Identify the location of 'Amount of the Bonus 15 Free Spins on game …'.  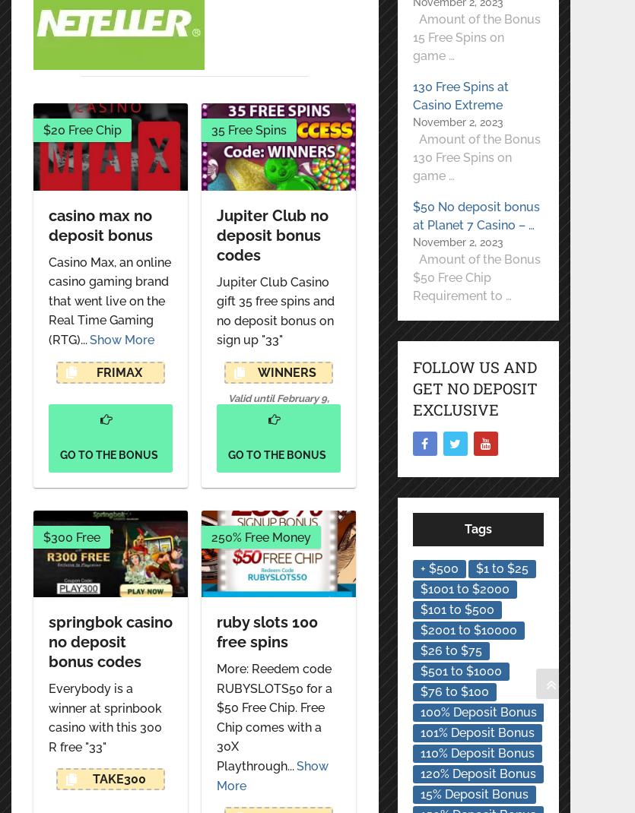
(475, 36).